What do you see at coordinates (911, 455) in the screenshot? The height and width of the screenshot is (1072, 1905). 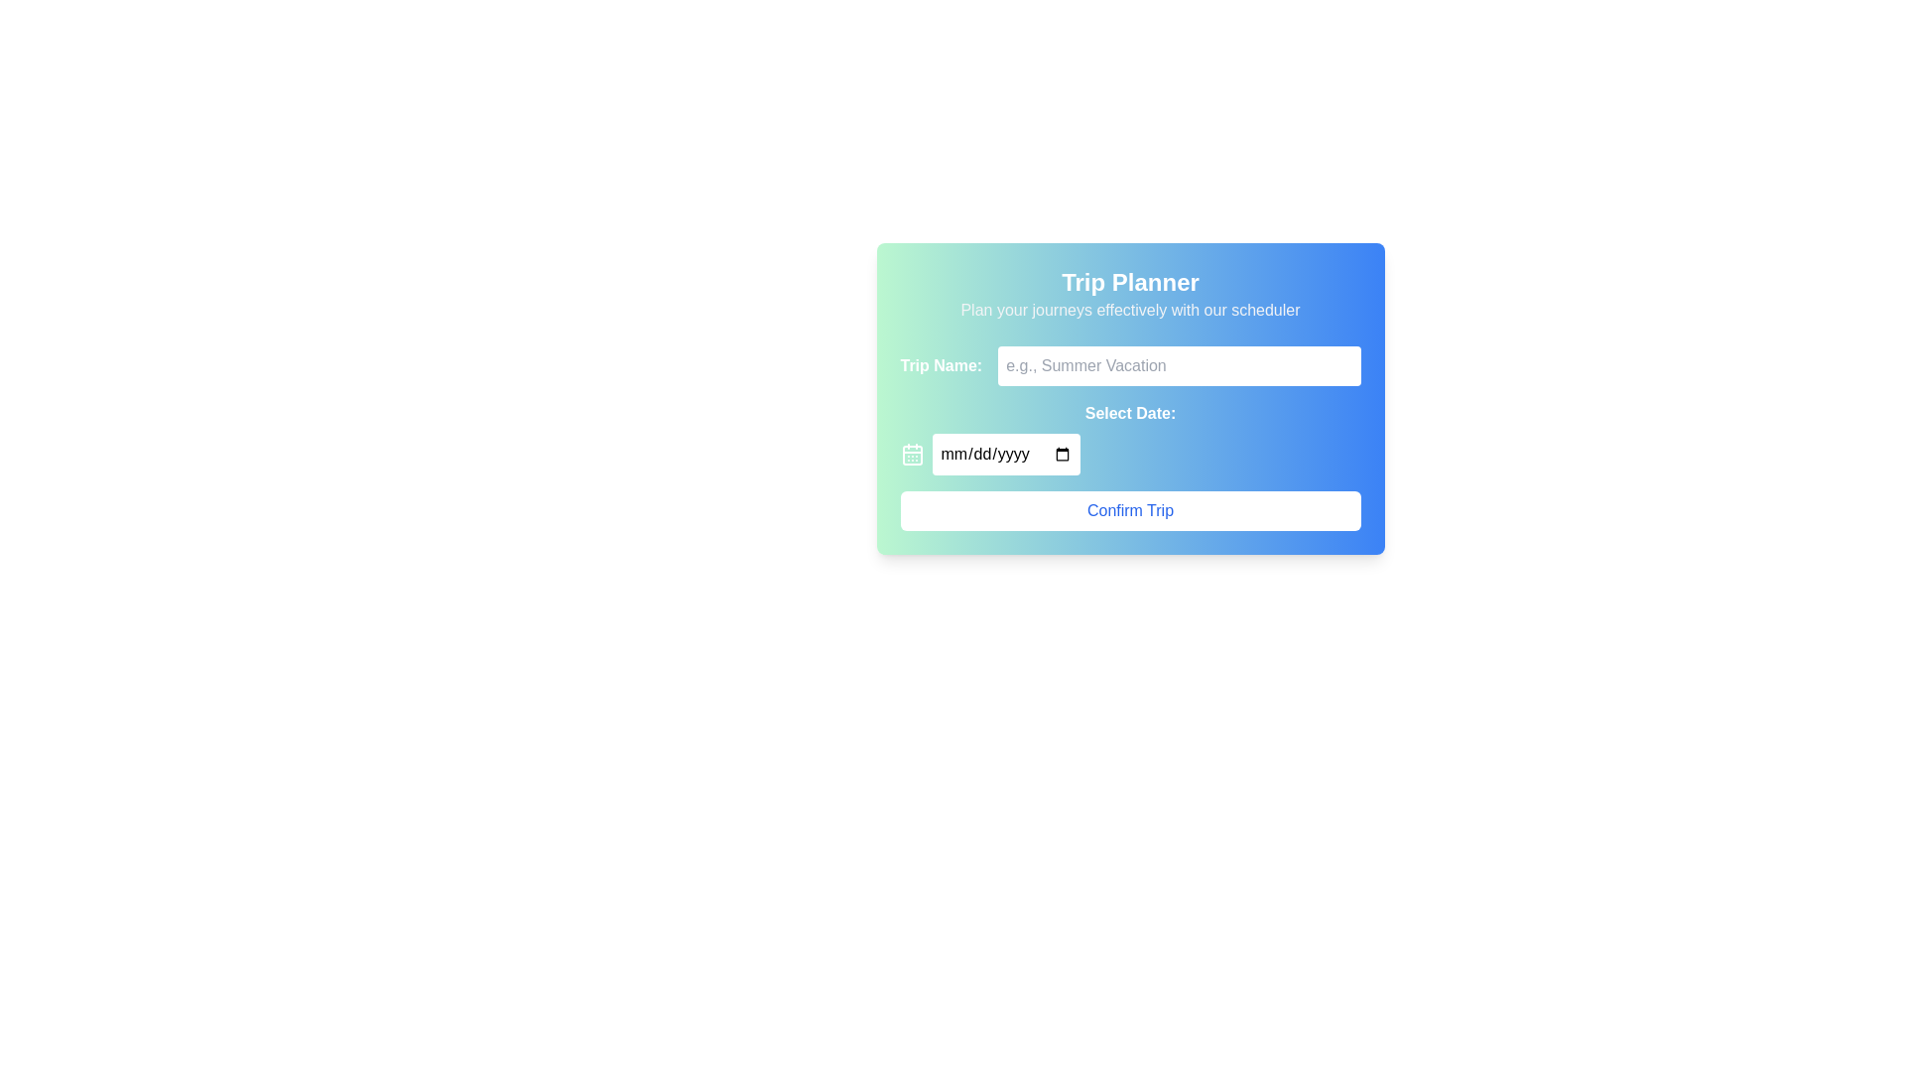 I see `the minimalist white calendar icon with rounded corners` at bounding box center [911, 455].